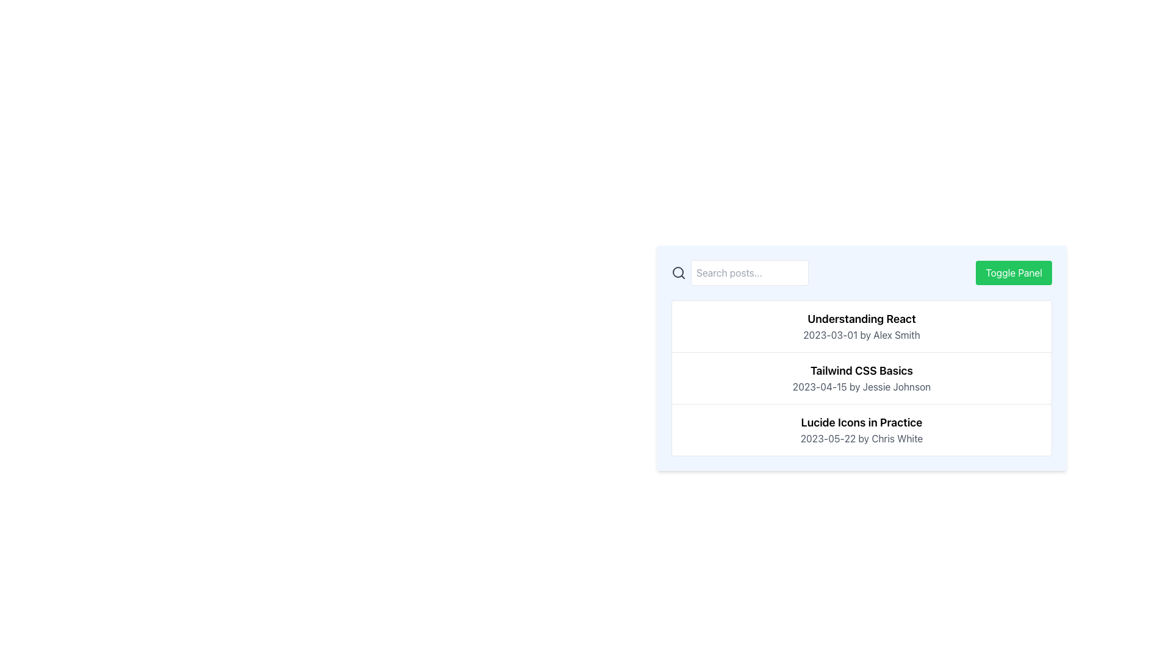 This screenshot has height=658, width=1171. I want to click on the static text element that provides metadata about the blog post, located below the 'Tailwind CSS Basics' text, so click(861, 387).